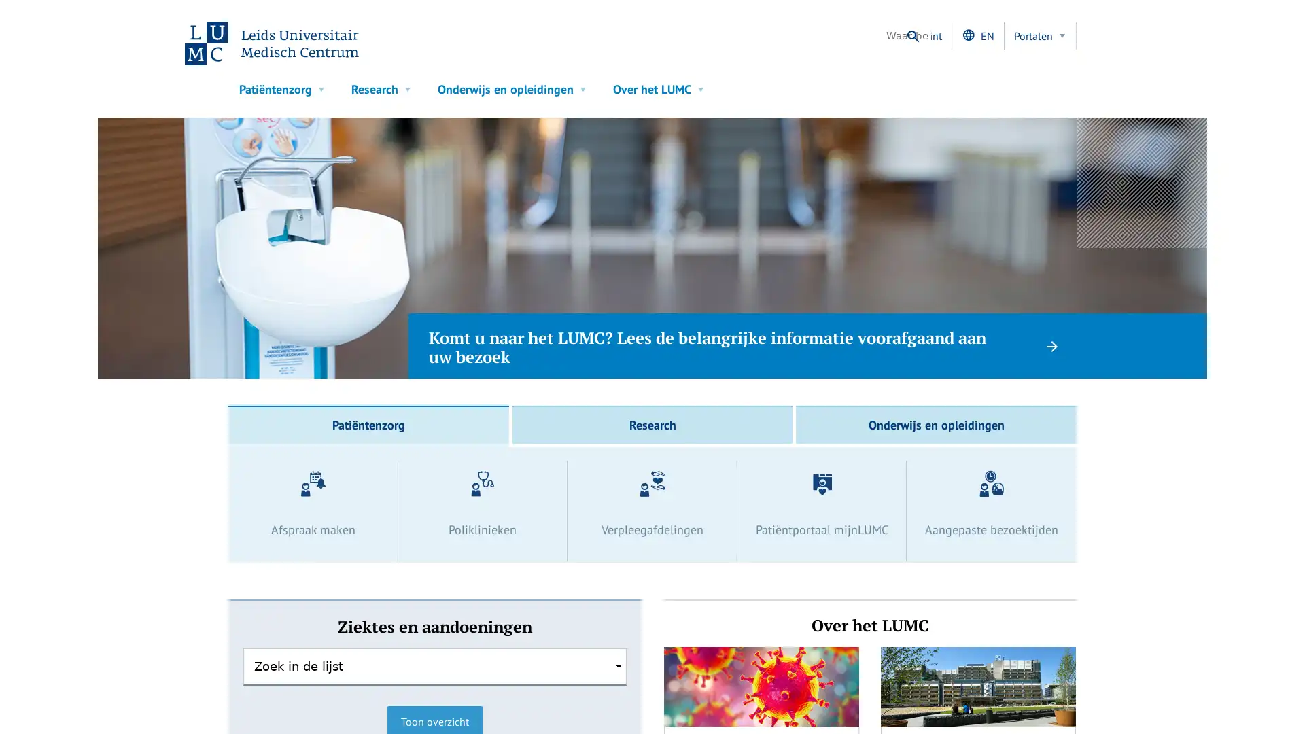  Describe the element at coordinates (1040, 35) in the screenshot. I see `Portalen` at that location.